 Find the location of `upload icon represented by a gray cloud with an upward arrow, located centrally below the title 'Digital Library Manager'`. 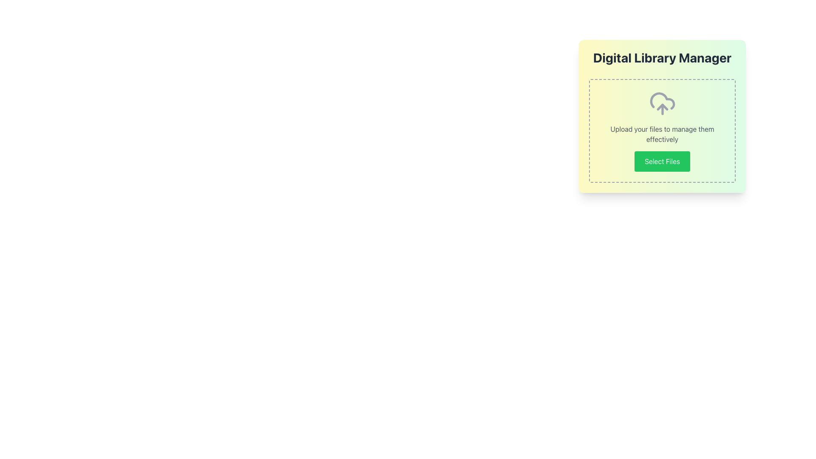

upload icon represented by a gray cloud with an upward arrow, located centrally below the title 'Digital Library Manager' is located at coordinates (662, 103).